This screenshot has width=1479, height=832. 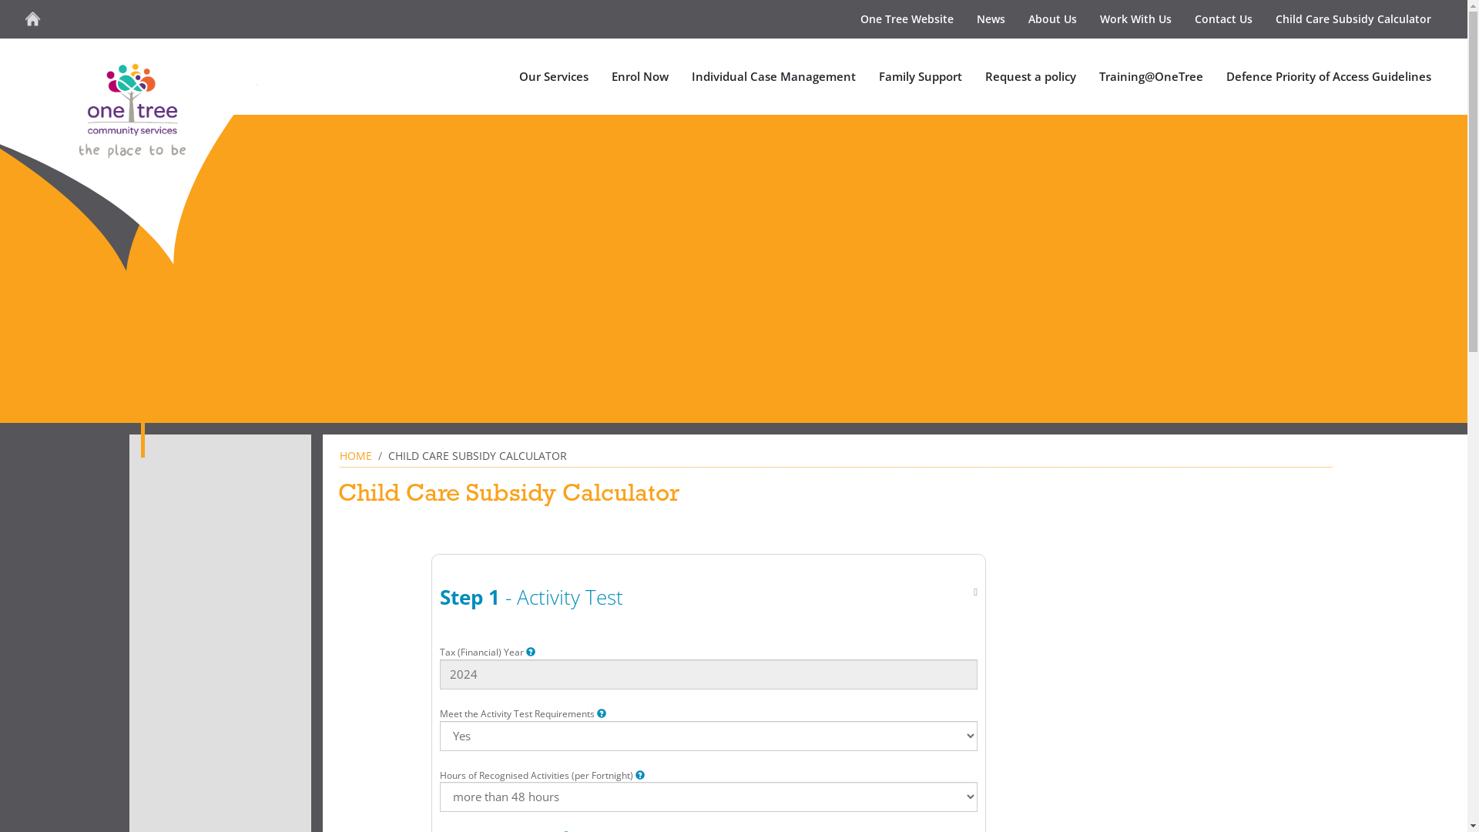 What do you see at coordinates (907, 18) in the screenshot?
I see `'One Tree Website'` at bounding box center [907, 18].